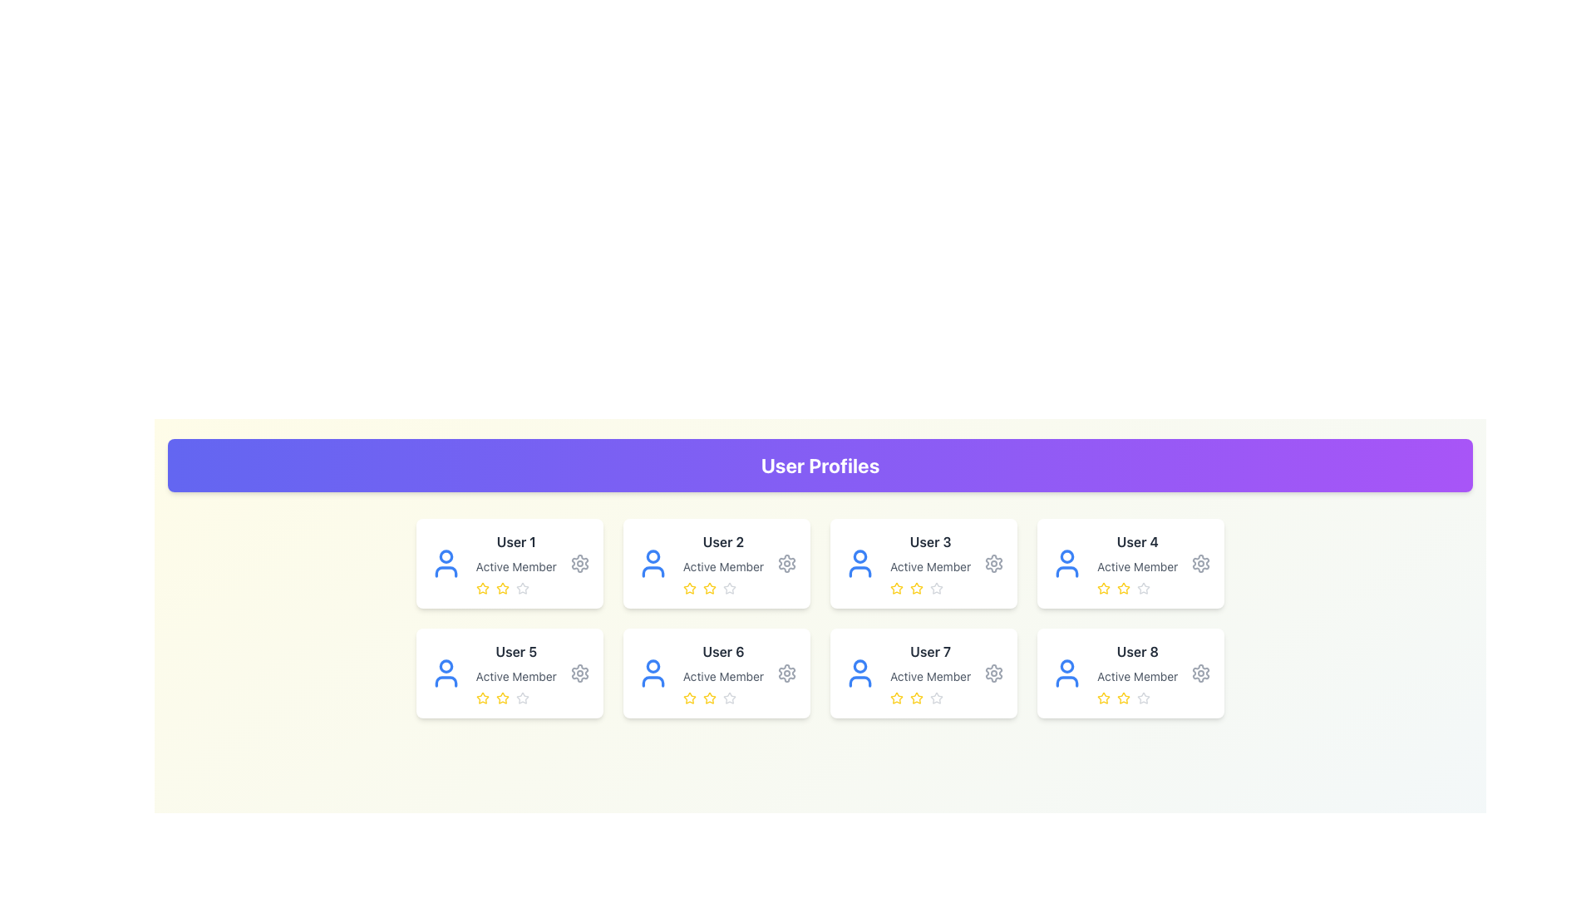 This screenshot has height=898, width=1596. What do you see at coordinates (860, 563) in the screenshot?
I see `the user icon representing 'User 3 Active Member', which is a blue person symbol located in the user grid layout` at bounding box center [860, 563].